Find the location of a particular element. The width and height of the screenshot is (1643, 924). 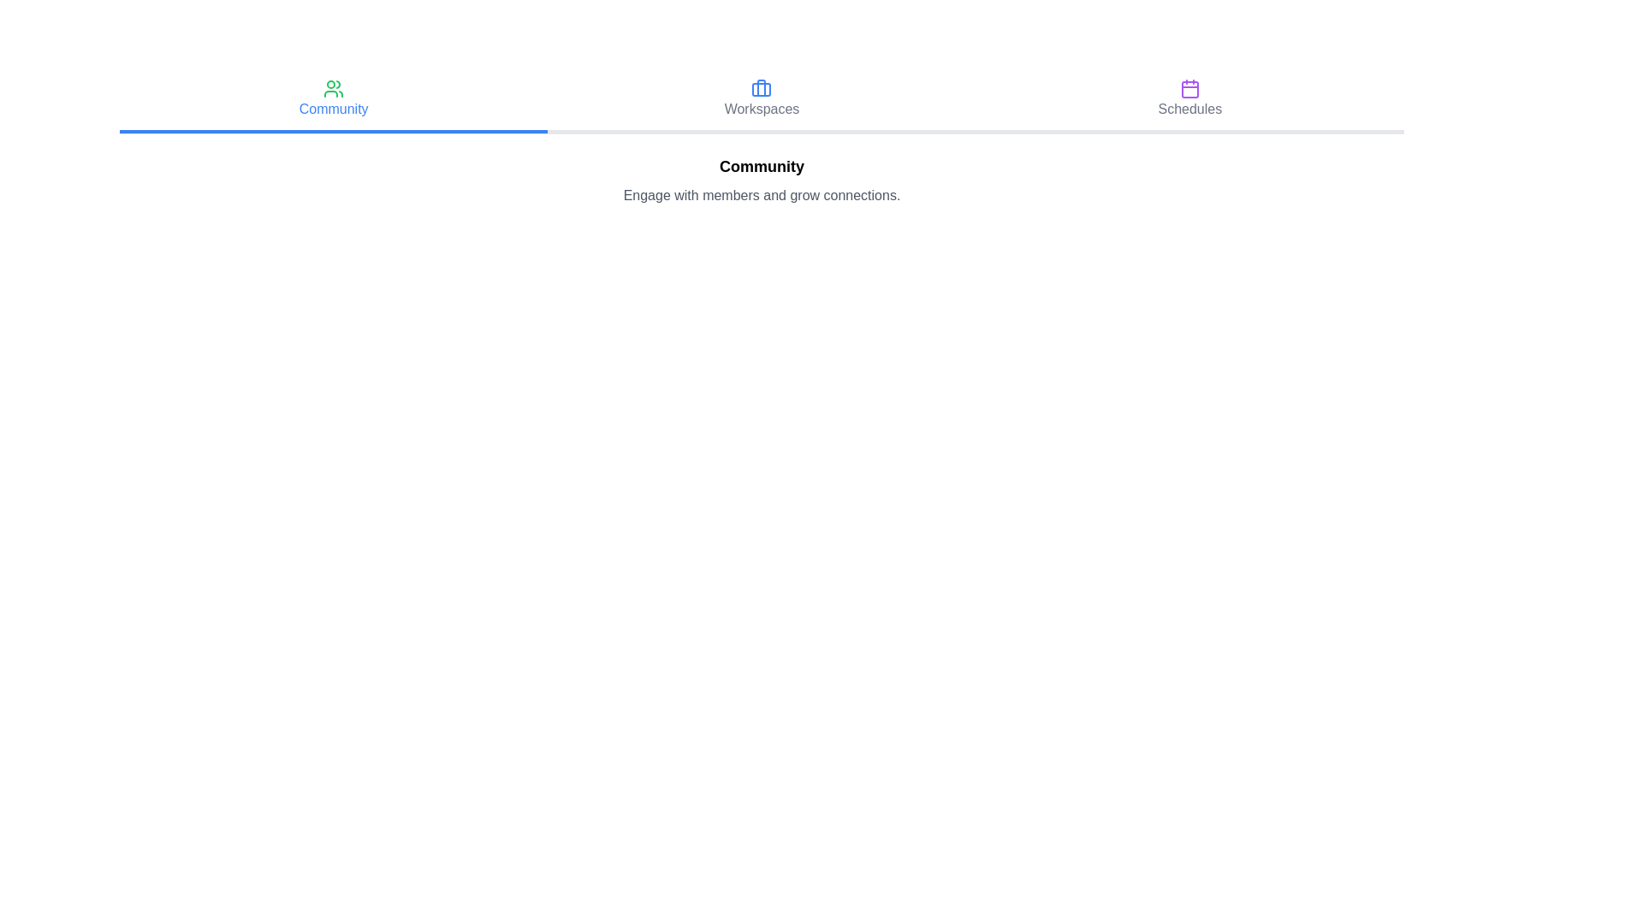

the Community tab to navigate to its content is located at coordinates (333, 101).